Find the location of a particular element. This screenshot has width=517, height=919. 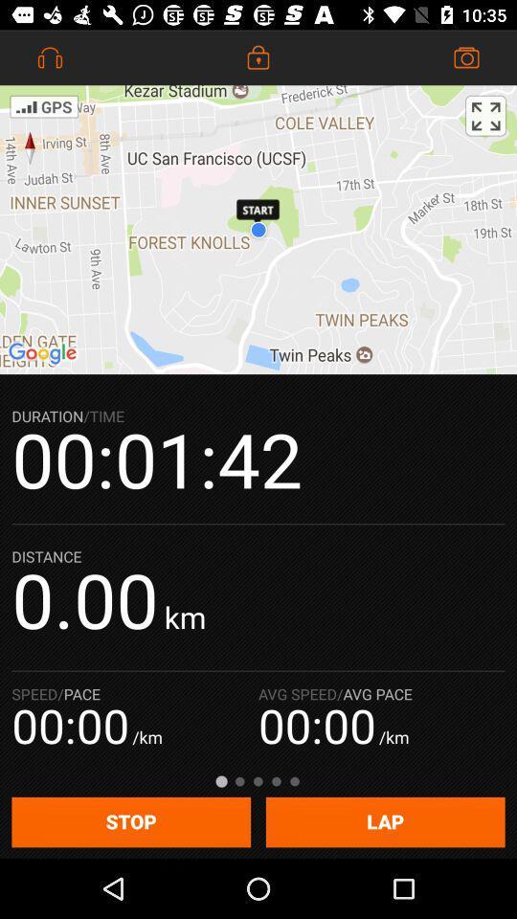

the expand icon is located at coordinates (485, 115).